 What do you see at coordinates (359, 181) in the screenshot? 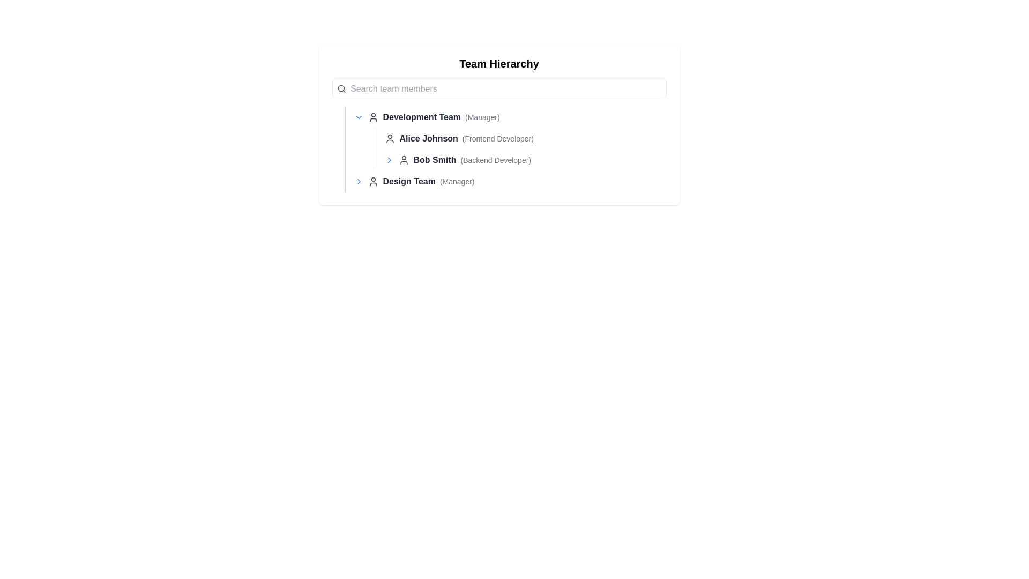
I see `the rightward-pointing blue chevron icon next to the user icon and 'Design Team (Manager)' text to trigger a tooltip` at bounding box center [359, 181].